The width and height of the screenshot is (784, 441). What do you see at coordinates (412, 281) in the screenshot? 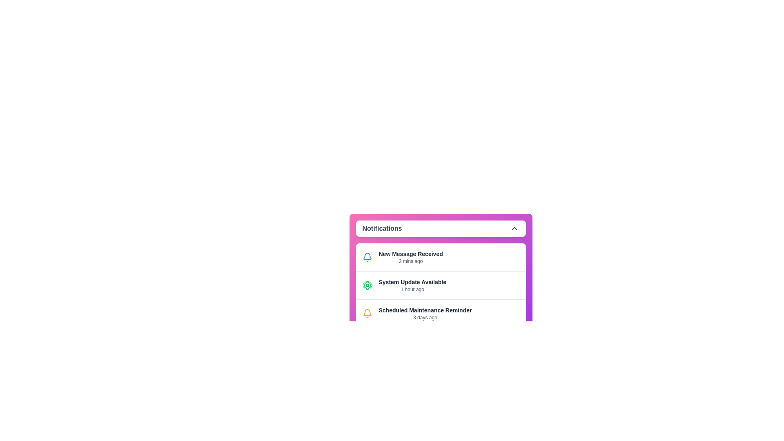
I see `text content of the 'System Update Available' notification, which is displayed in bold within a purple-themed notification panel` at bounding box center [412, 281].